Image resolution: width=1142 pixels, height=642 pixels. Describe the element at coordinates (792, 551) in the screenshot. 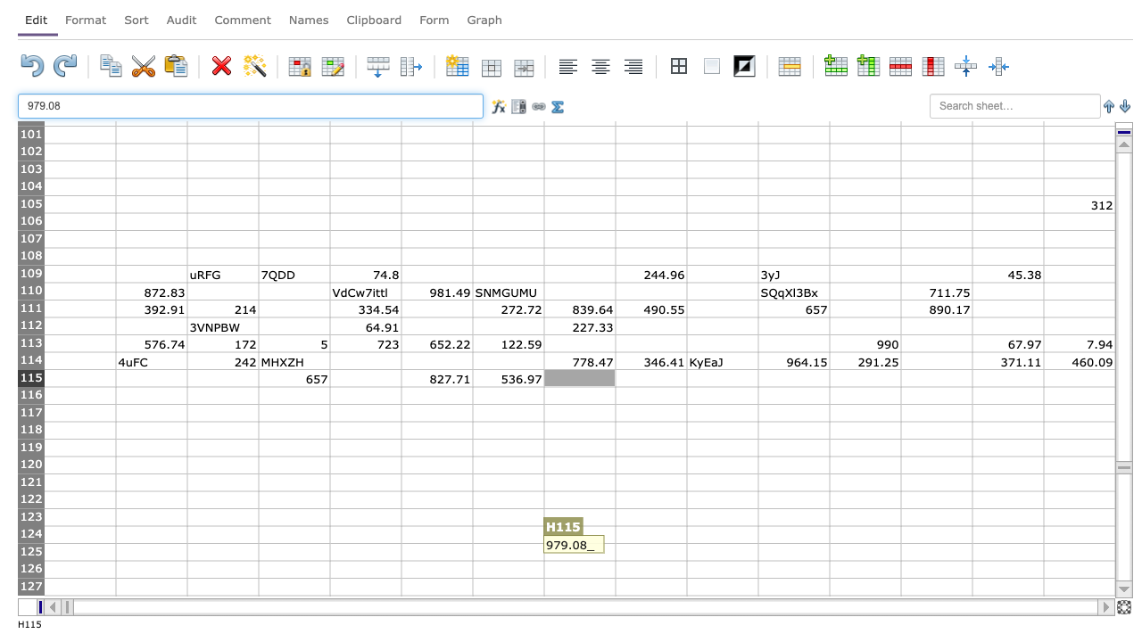

I see `K125` at that location.